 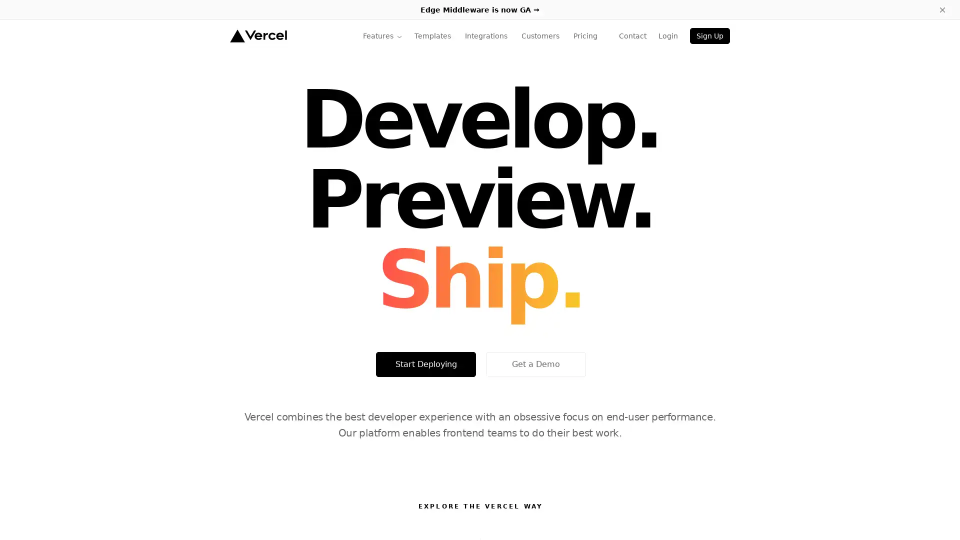 I want to click on Sign Up, so click(x=709, y=35).